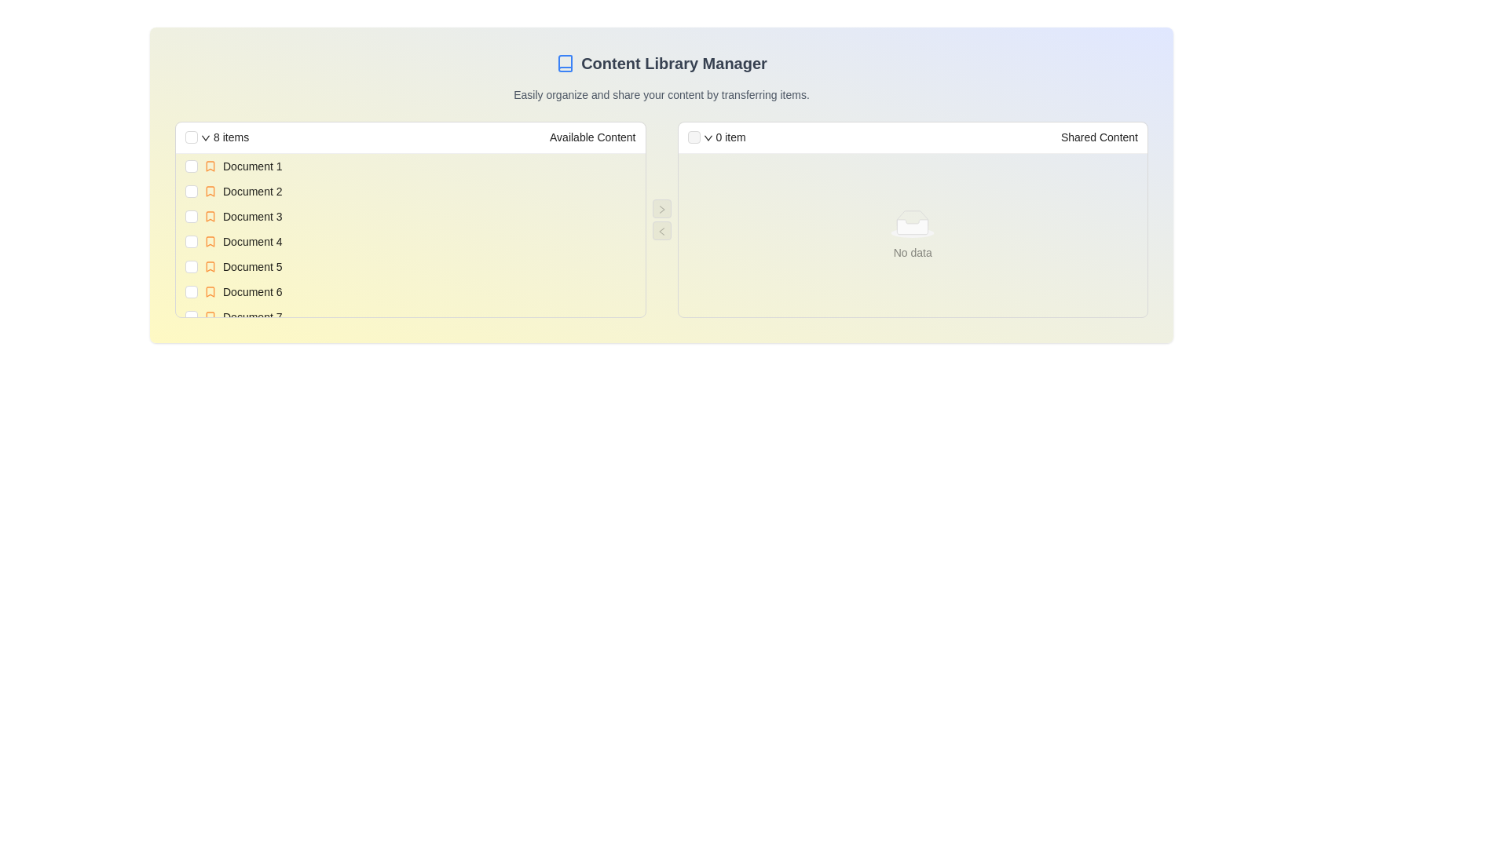 The width and height of the screenshot is (1508, 848). What do you see at coordinates (252, 242) in the screenshot?
I see `the text label displaying 'Document 4' in the 'Available Content' section` at bounding box center [252, 242].